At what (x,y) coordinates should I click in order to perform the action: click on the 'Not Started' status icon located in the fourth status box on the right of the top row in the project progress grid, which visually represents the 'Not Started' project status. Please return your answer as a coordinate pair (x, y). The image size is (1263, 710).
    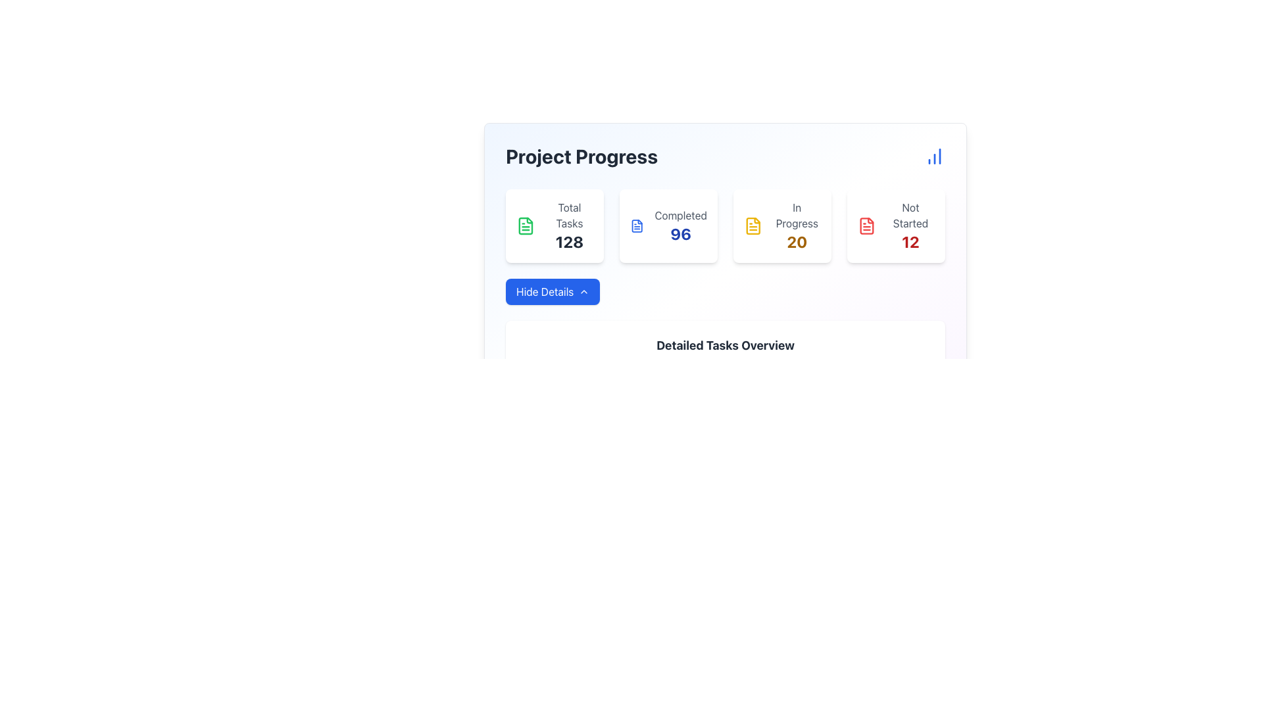
    Looking at the image, I should click on (866, 225).